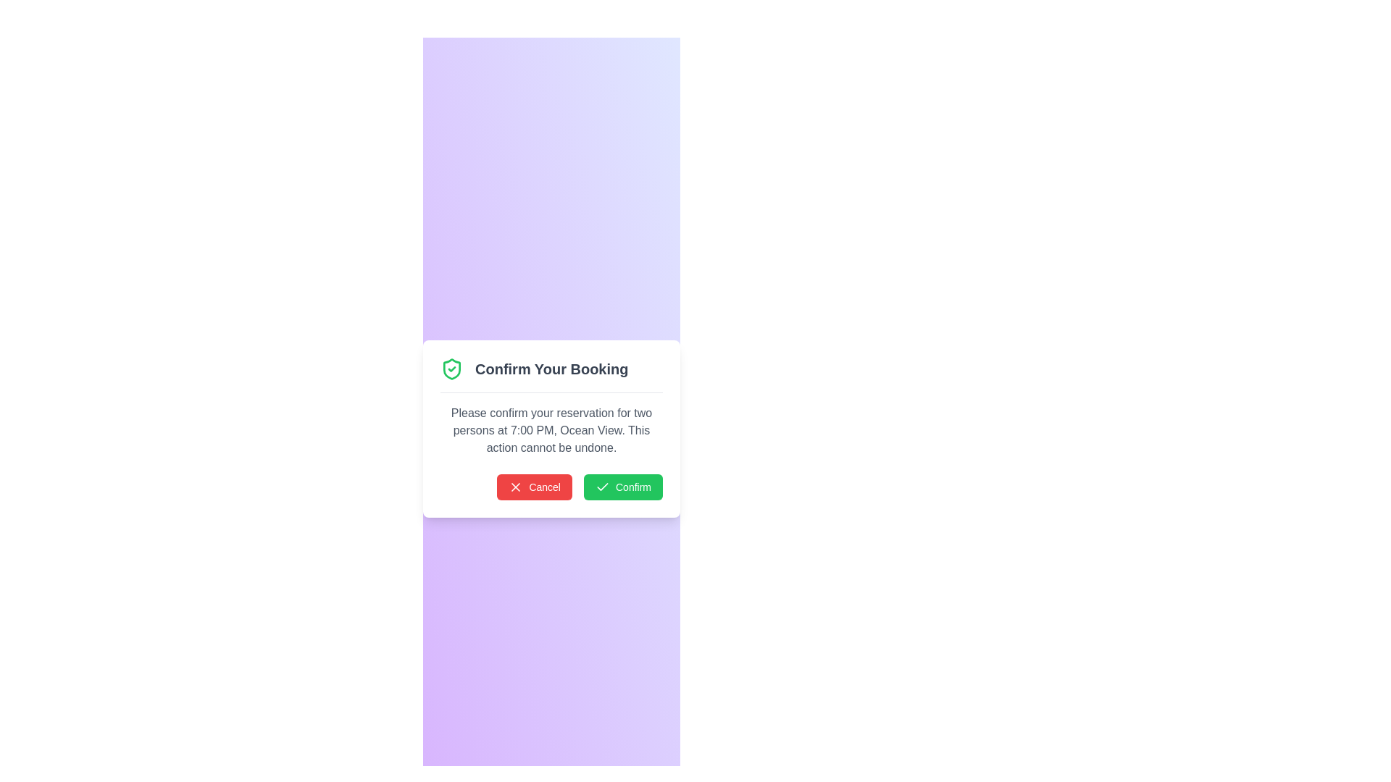  What do you see at coordinates (602, 487) in the screenshot?
I see `the vector-based checkmark icon located within the green 'Confirm' button at the bottom-right corner of the confirmation dialog box` at bounding box center [602, 487].